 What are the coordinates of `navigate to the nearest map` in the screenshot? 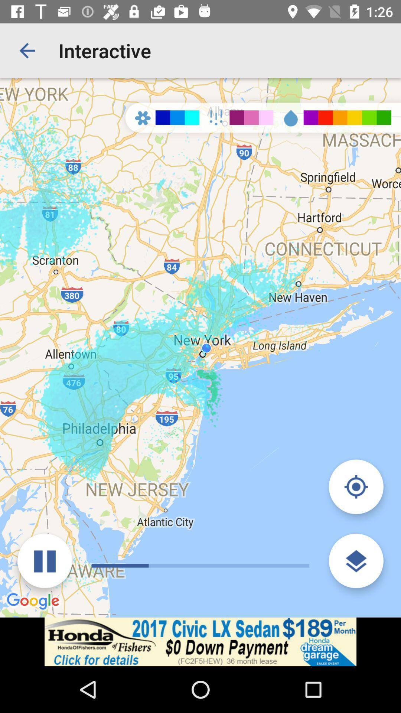 It's located at (356, 486).